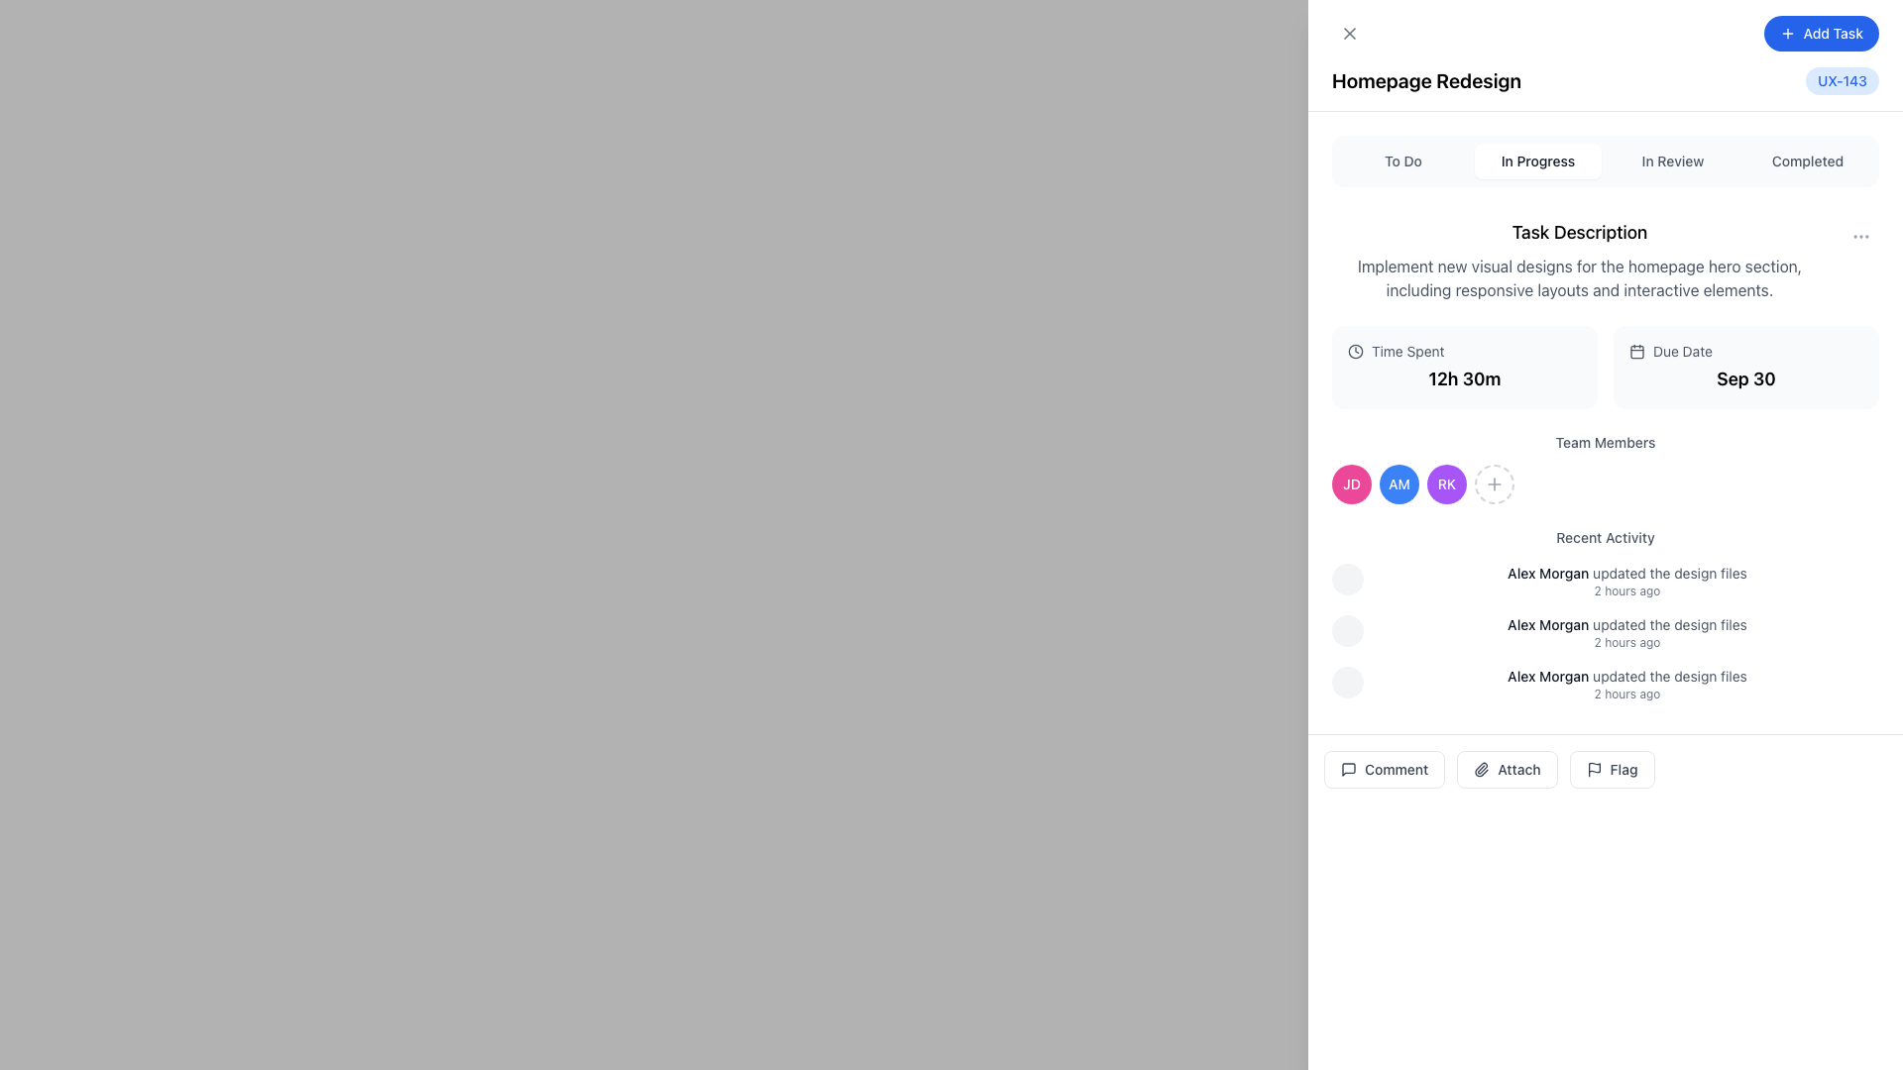 The height and width of the screenshot is (1070, 1903). Describe the element at coordinates (1606, 683) in the screenshot. I see `the user name 'Alex Morgan' in the activity log entry, which is displayed in bold font, located in the 'Recent Activity' section` at that location.